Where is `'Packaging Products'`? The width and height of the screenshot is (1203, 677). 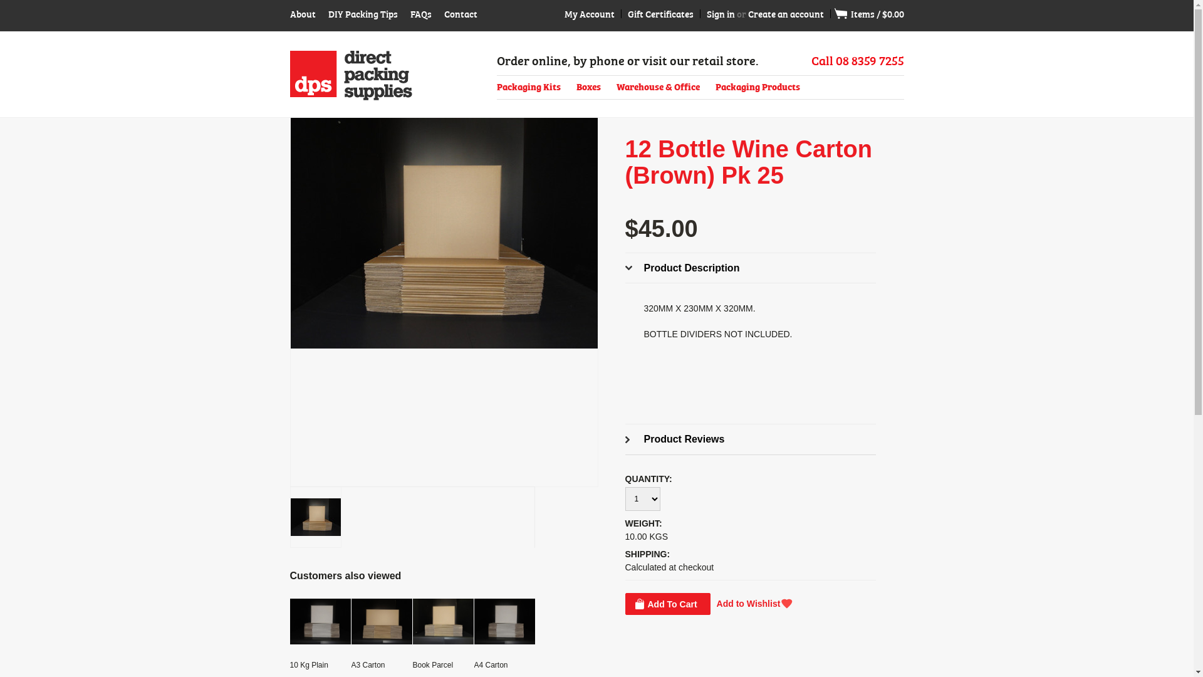 'Packaging Products' is located at coordinates (757, 85).